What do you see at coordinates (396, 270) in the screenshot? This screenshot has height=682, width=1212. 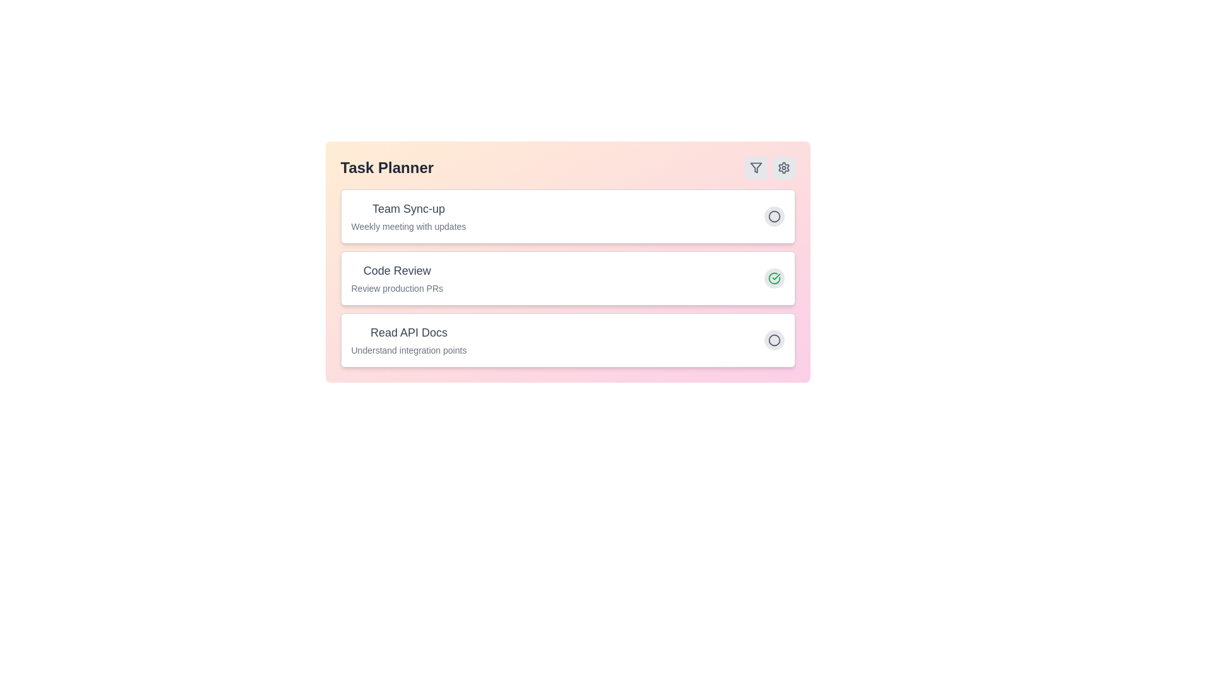 I see `the task item titled 'Code Review' to interact with it` at bounding box center [396, 270].